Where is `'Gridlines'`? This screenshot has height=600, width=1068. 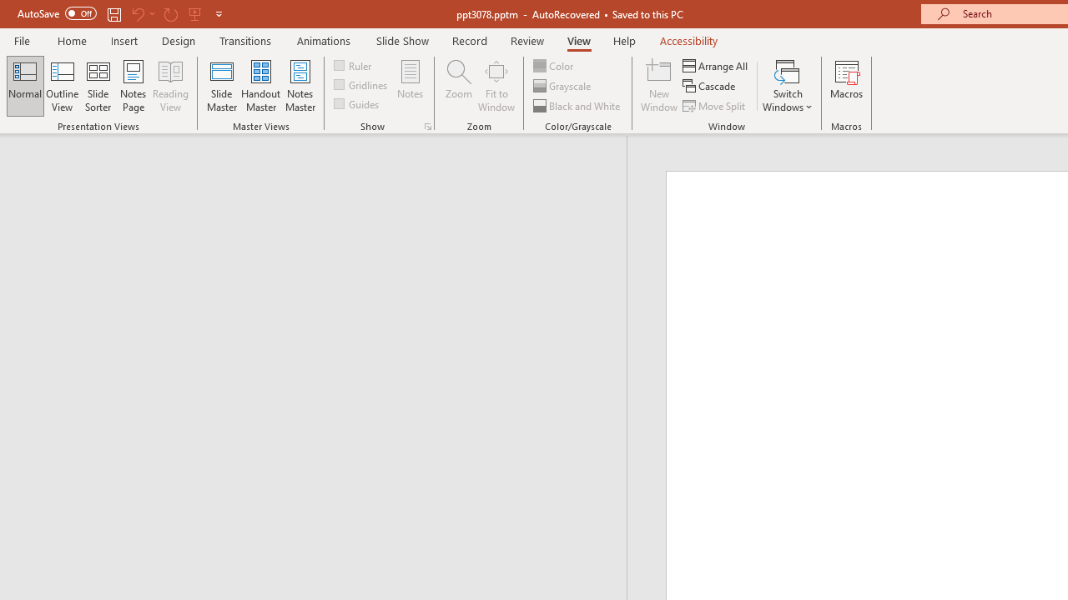
'Gridlines' is located at coordinates (360, 84).